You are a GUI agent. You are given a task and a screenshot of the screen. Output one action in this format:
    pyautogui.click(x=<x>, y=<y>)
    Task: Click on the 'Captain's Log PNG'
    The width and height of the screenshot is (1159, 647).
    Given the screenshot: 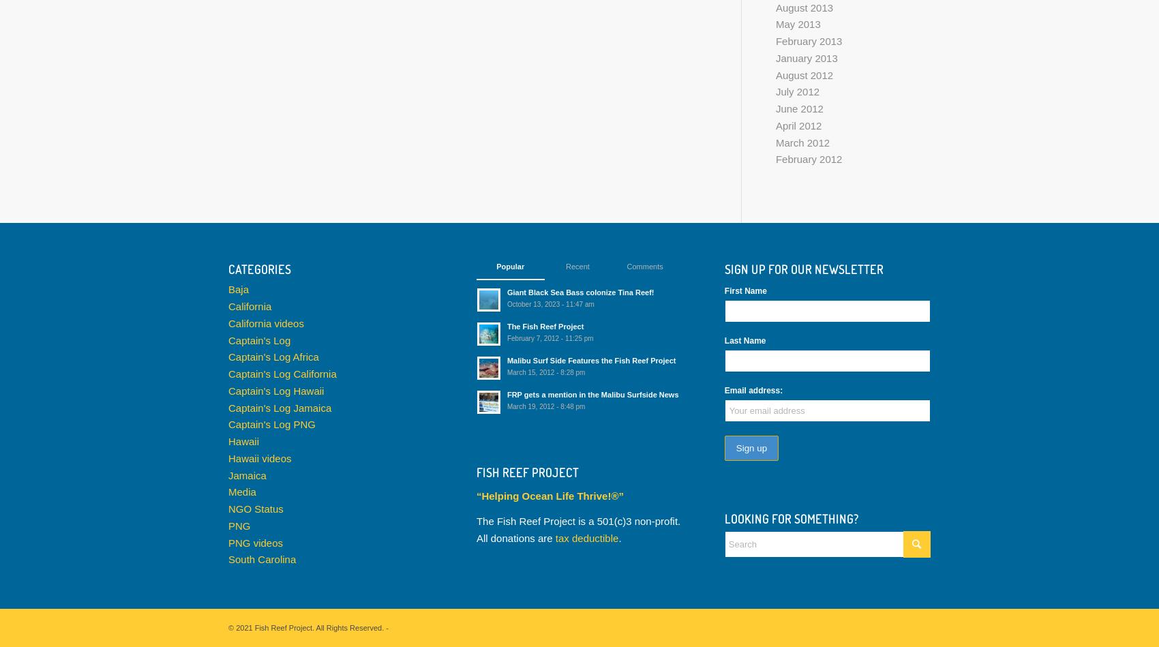 What is the action you would take?
    pyautogui.click(x=271, y=423)
    